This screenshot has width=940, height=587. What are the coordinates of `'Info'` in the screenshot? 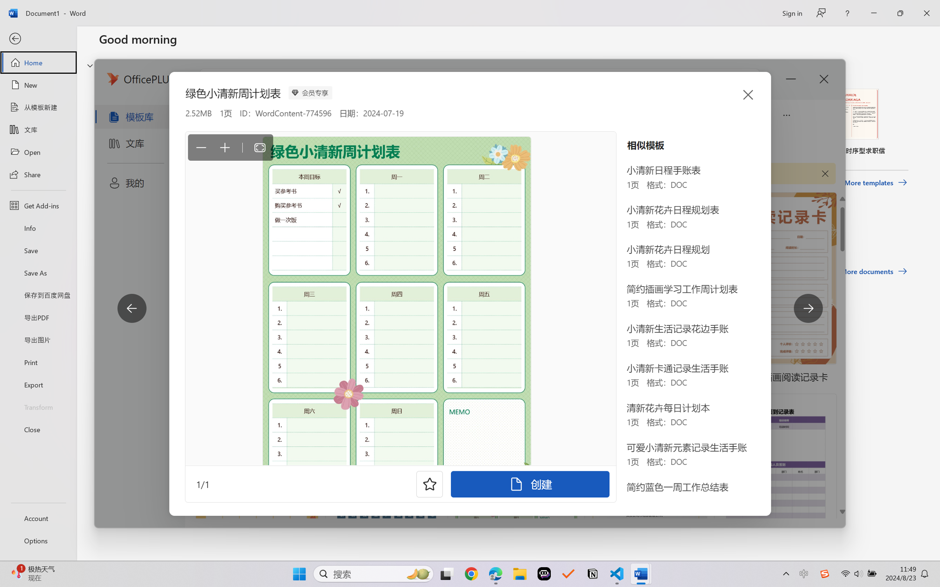 It's located at (38, 228).